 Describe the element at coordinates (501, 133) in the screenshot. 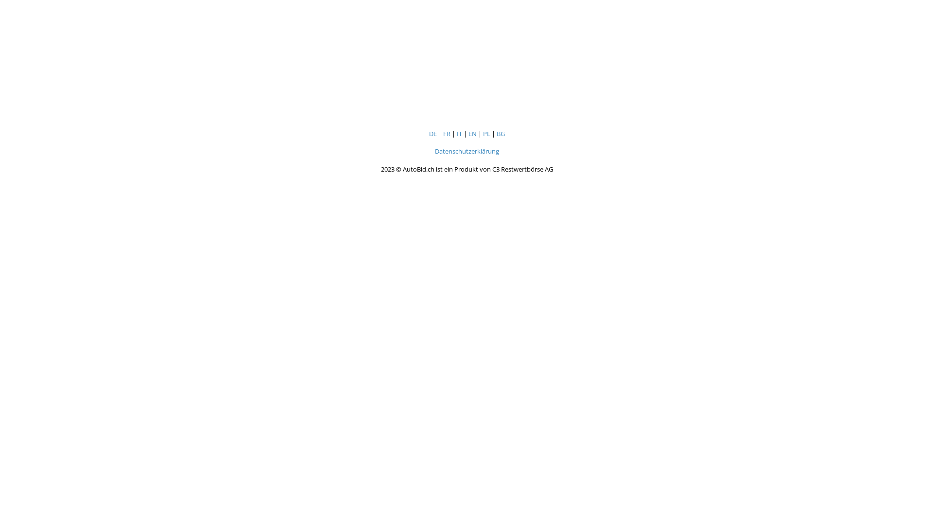

I see `'BG'` at that location.